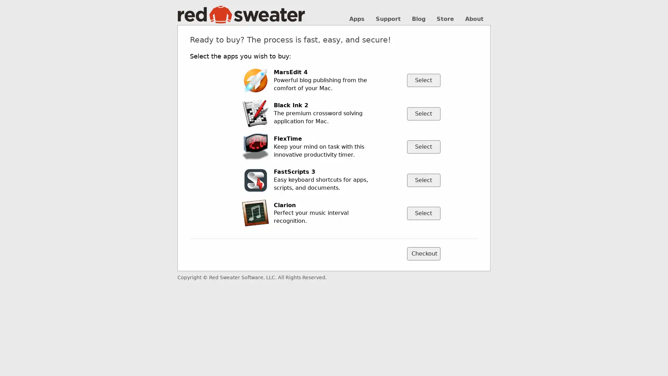 Image resolution: width=668 pixels, height=376 pixels. Describe the element at coordinates (423, 146) in the screenshot. I see `Select` at that location.